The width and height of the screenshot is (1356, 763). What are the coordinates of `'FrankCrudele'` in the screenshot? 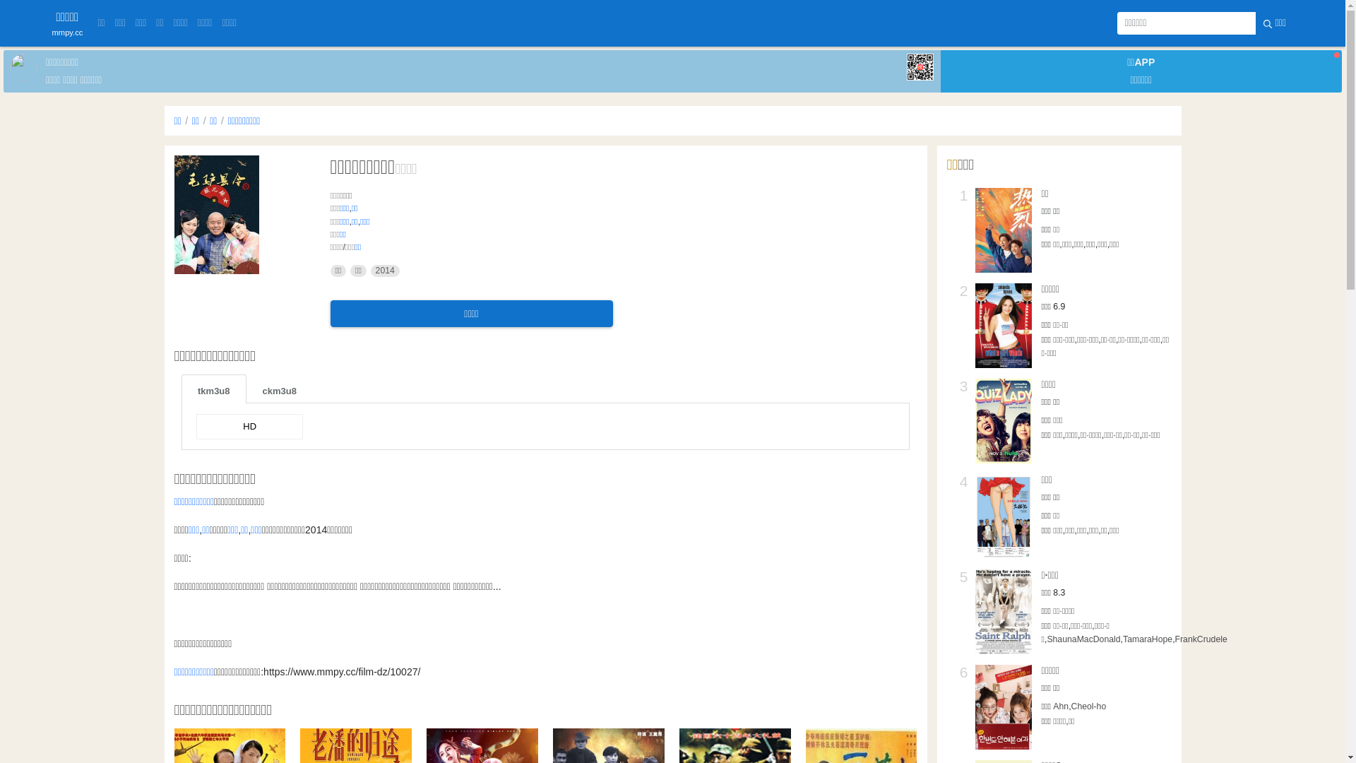 It's located at (1200, 639).